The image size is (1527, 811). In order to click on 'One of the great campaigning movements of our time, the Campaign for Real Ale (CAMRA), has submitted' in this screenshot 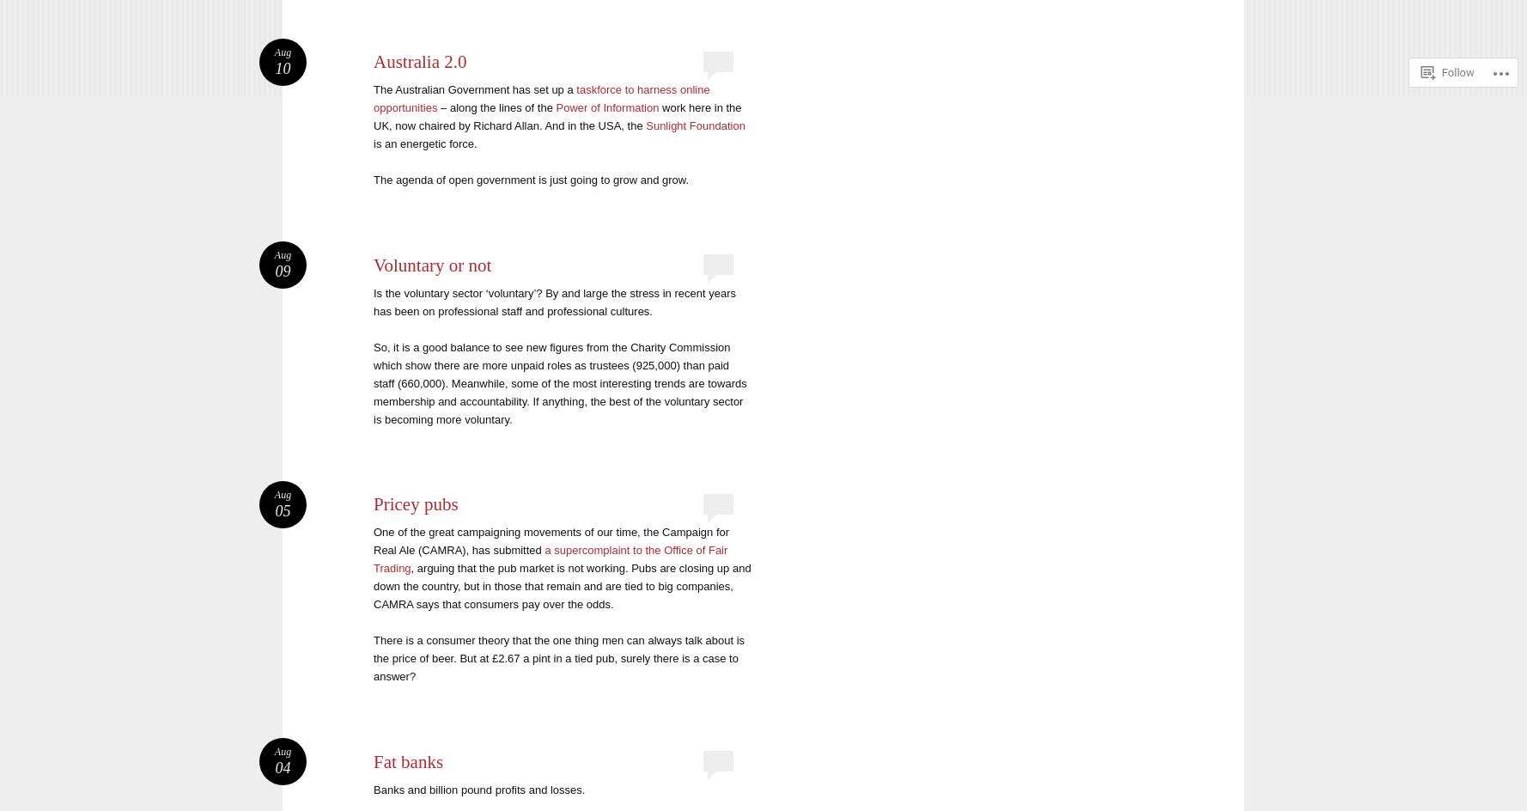, I will do `click(374, 541)`.